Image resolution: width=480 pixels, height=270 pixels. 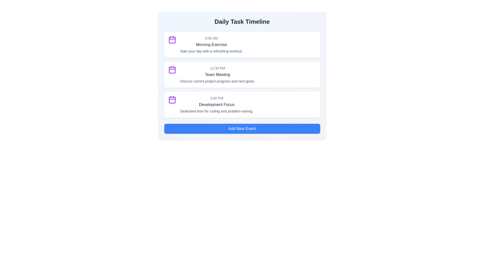 I want to click on the event icon located at the top left of the 'Morning Exercise' task box, adjacent to the text '8:00 AM', so click(x=172, y=39).